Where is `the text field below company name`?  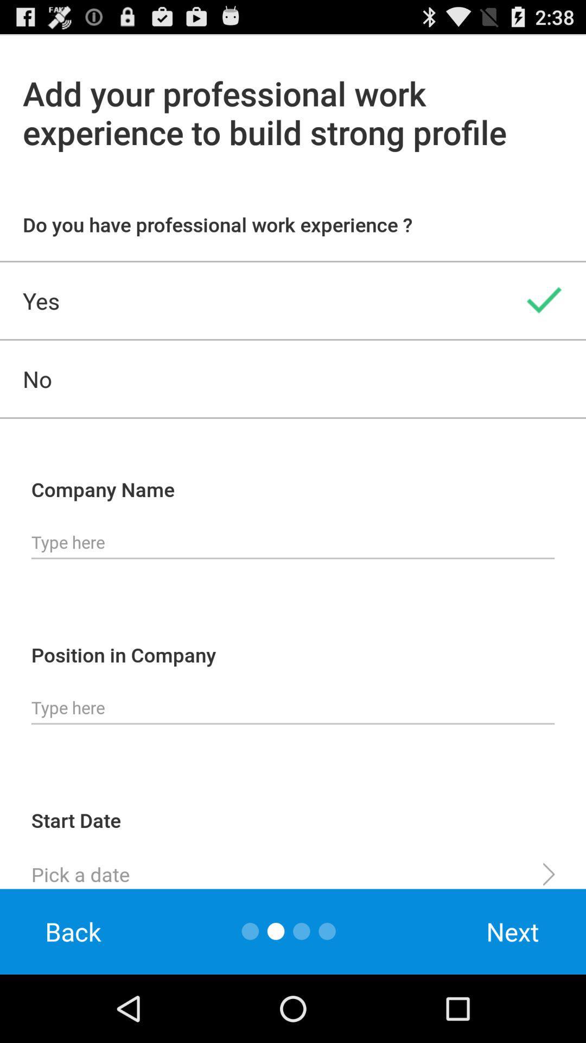
the text field below company name is located at coordinates (293, 542).